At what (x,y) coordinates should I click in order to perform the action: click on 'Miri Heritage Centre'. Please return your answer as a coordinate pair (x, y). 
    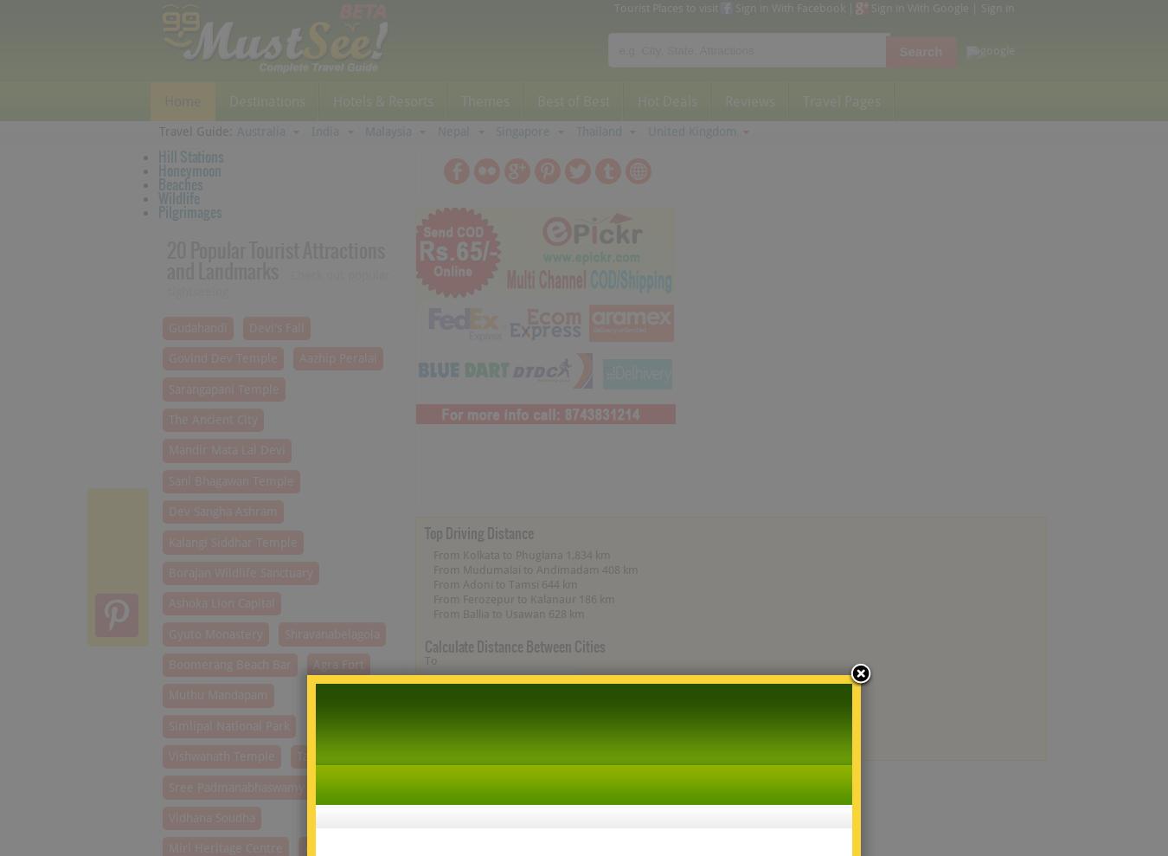
    Looking at the image, I should click on (224, 848).